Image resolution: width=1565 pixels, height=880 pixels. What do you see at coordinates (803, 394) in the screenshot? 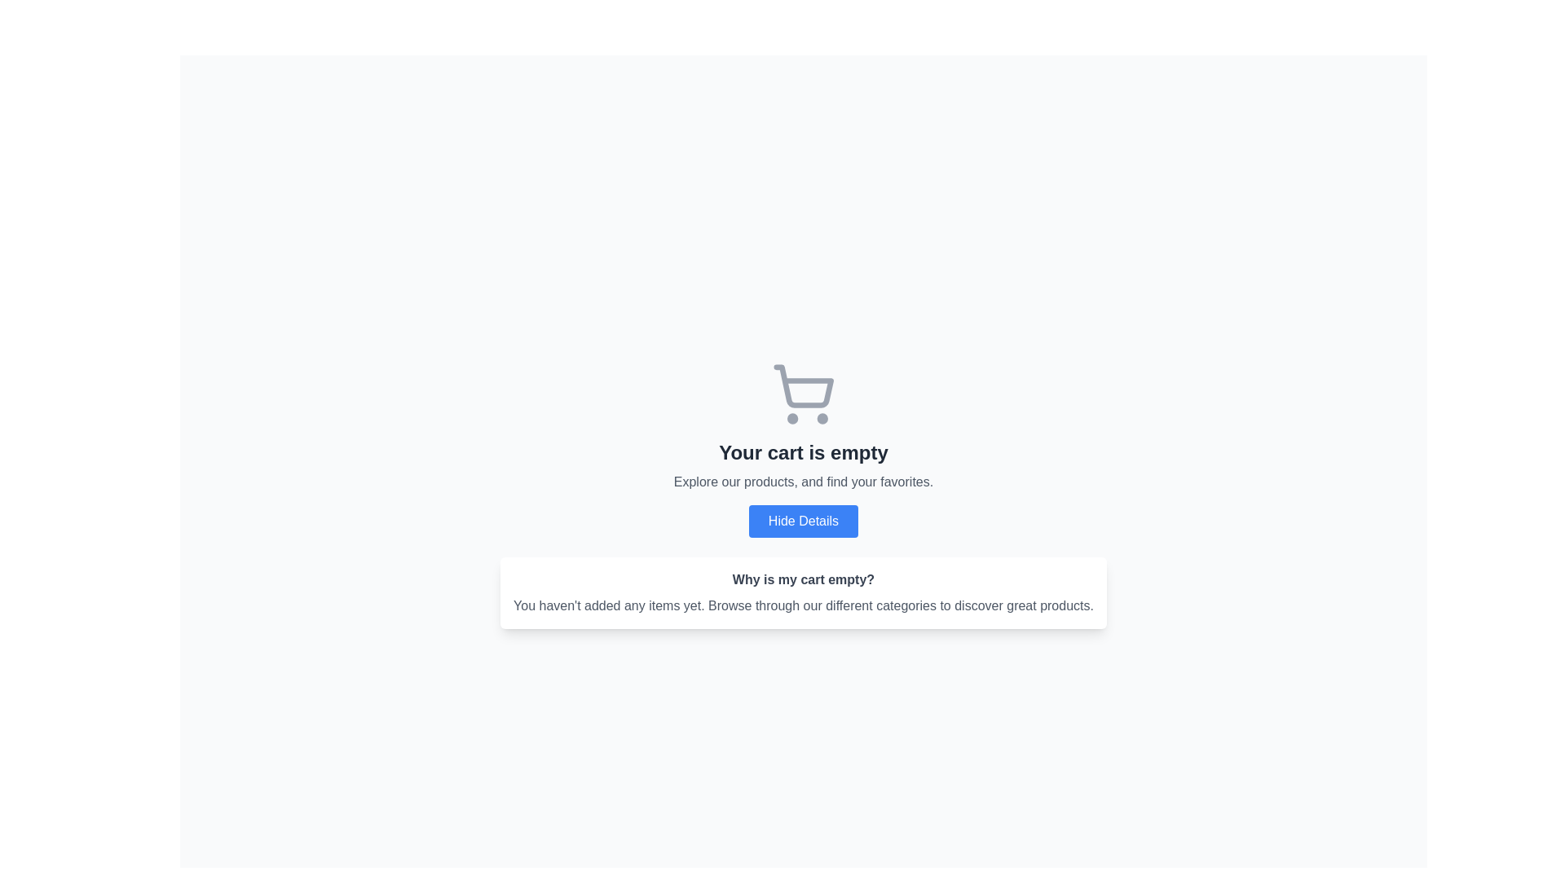
I see `the empty shopping cart SVG icon that visually communicates the status of the shopping cart, positioned centrally above the header text 'Your cart is empty'` at bounding box center [803, 394].